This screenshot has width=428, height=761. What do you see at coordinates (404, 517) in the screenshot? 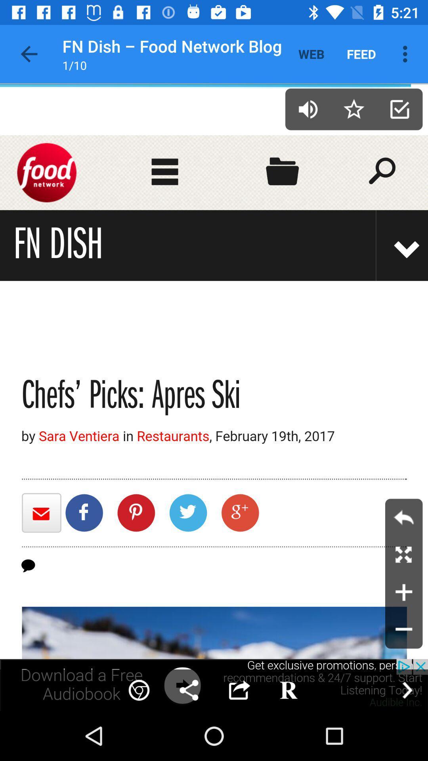
I see `the reply icon` at bounding box center [404, 517].